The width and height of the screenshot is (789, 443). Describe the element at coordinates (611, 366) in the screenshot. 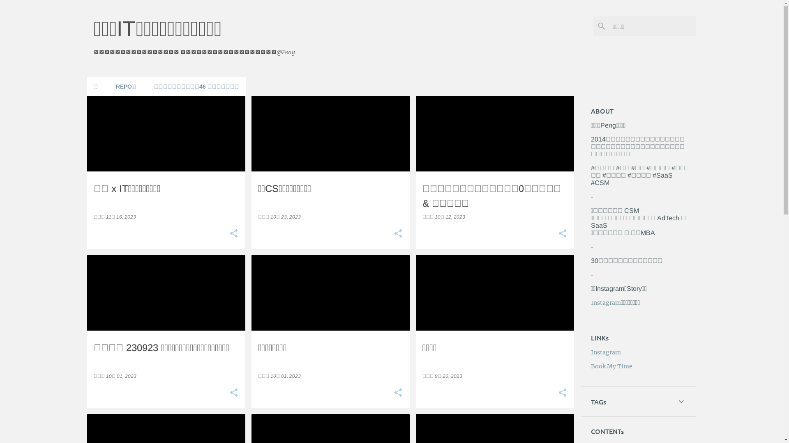

I see `'Book My Time'` at that location.